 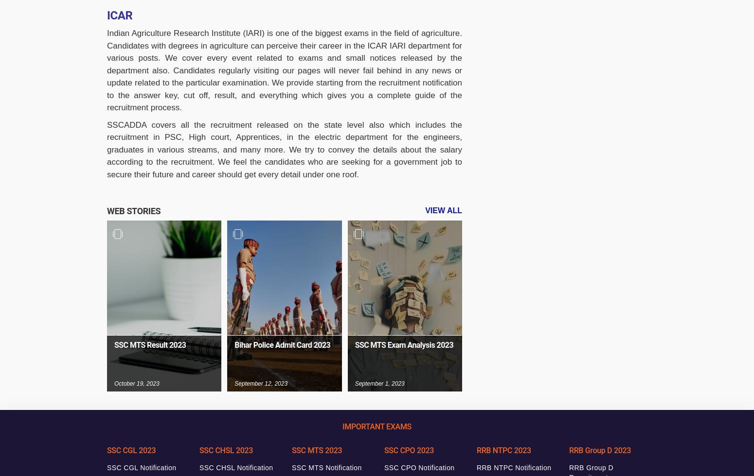 What do you see at coordinates (378, 383) in the screenshot?
I see `'September 1, 2023'` at bounding box center [378, 383].